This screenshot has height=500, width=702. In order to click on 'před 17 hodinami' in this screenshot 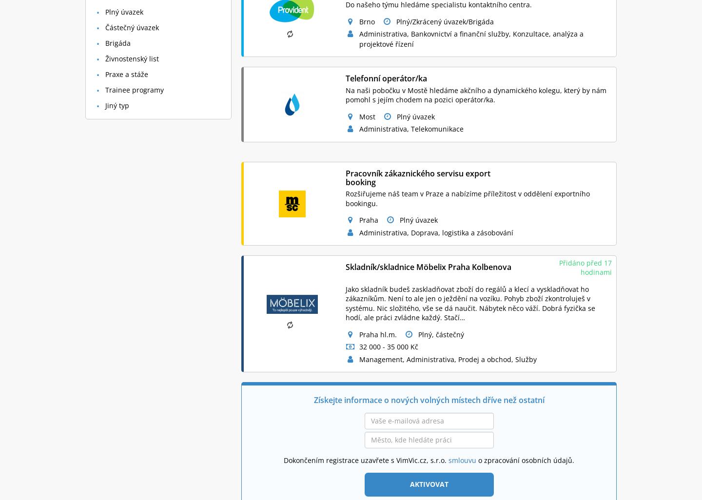, I will do `click(595, 268)`.